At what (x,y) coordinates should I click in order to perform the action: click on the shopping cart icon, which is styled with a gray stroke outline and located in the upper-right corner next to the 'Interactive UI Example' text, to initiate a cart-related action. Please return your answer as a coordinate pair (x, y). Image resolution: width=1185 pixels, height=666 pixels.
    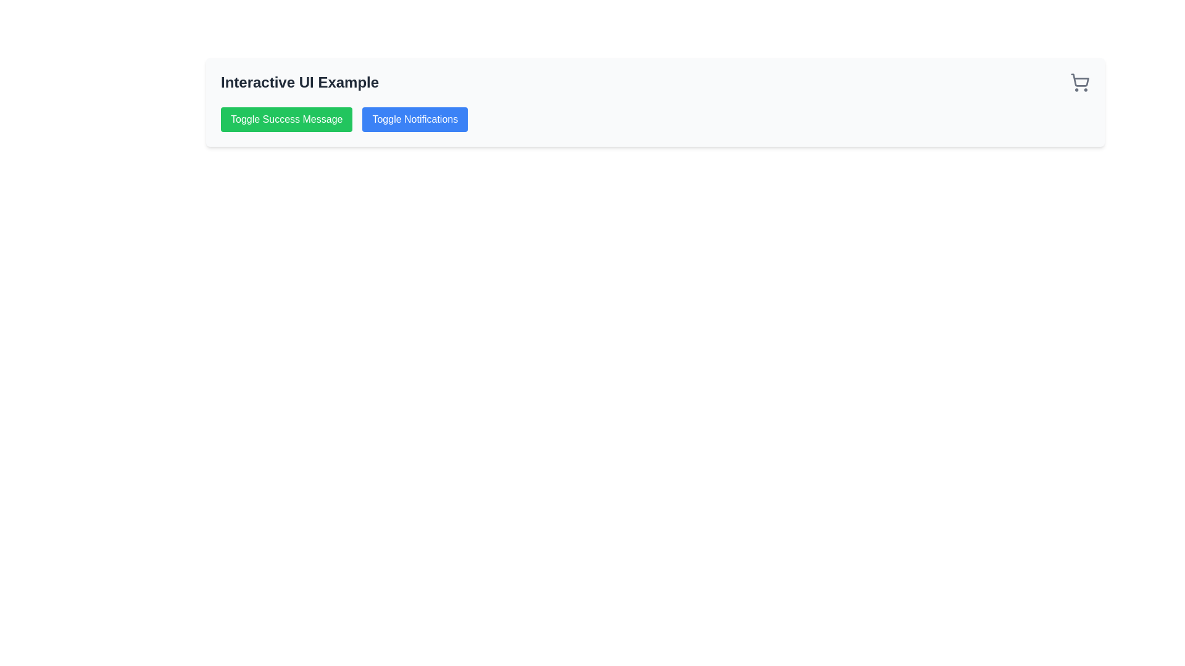
    Looking at the image, I should click on (1079, 83).